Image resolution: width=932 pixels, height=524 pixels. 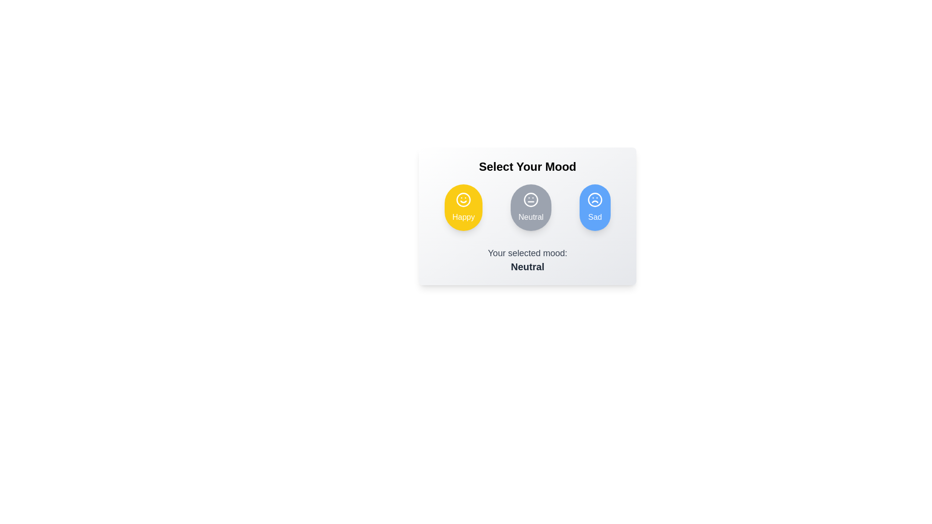 I want to click on the 'Neutral' mood text label located directly underneath the gray circular button in the center of the three-button group labeled by emotions, so click(x=531, y=216).